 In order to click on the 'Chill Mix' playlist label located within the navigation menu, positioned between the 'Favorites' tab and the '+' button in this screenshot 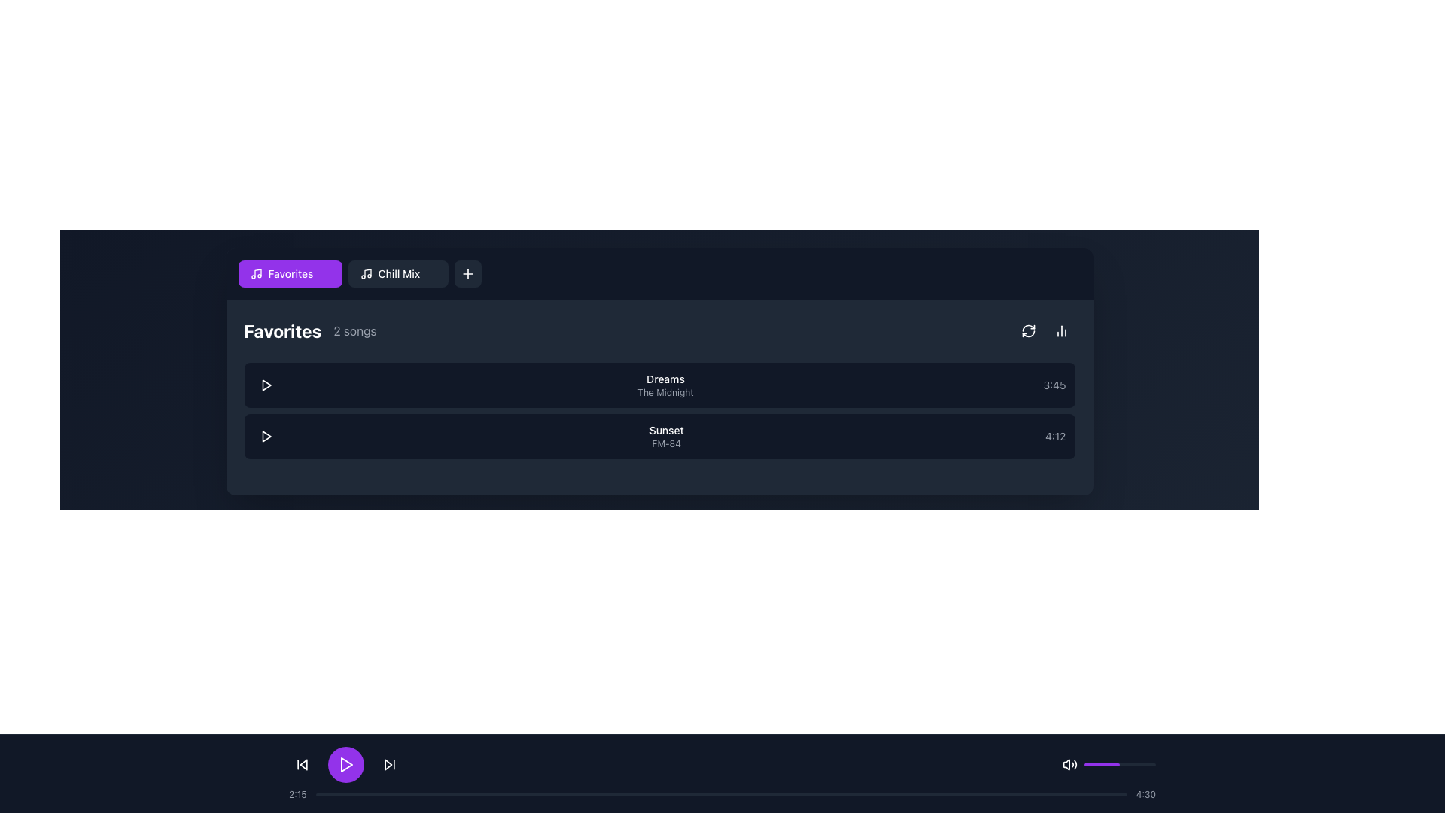, I will do `click(399, 273)`.